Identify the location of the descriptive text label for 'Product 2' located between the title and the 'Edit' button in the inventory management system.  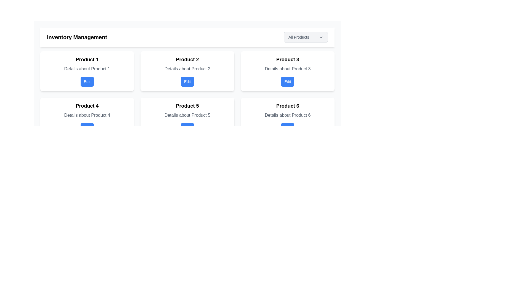
(187, 69).